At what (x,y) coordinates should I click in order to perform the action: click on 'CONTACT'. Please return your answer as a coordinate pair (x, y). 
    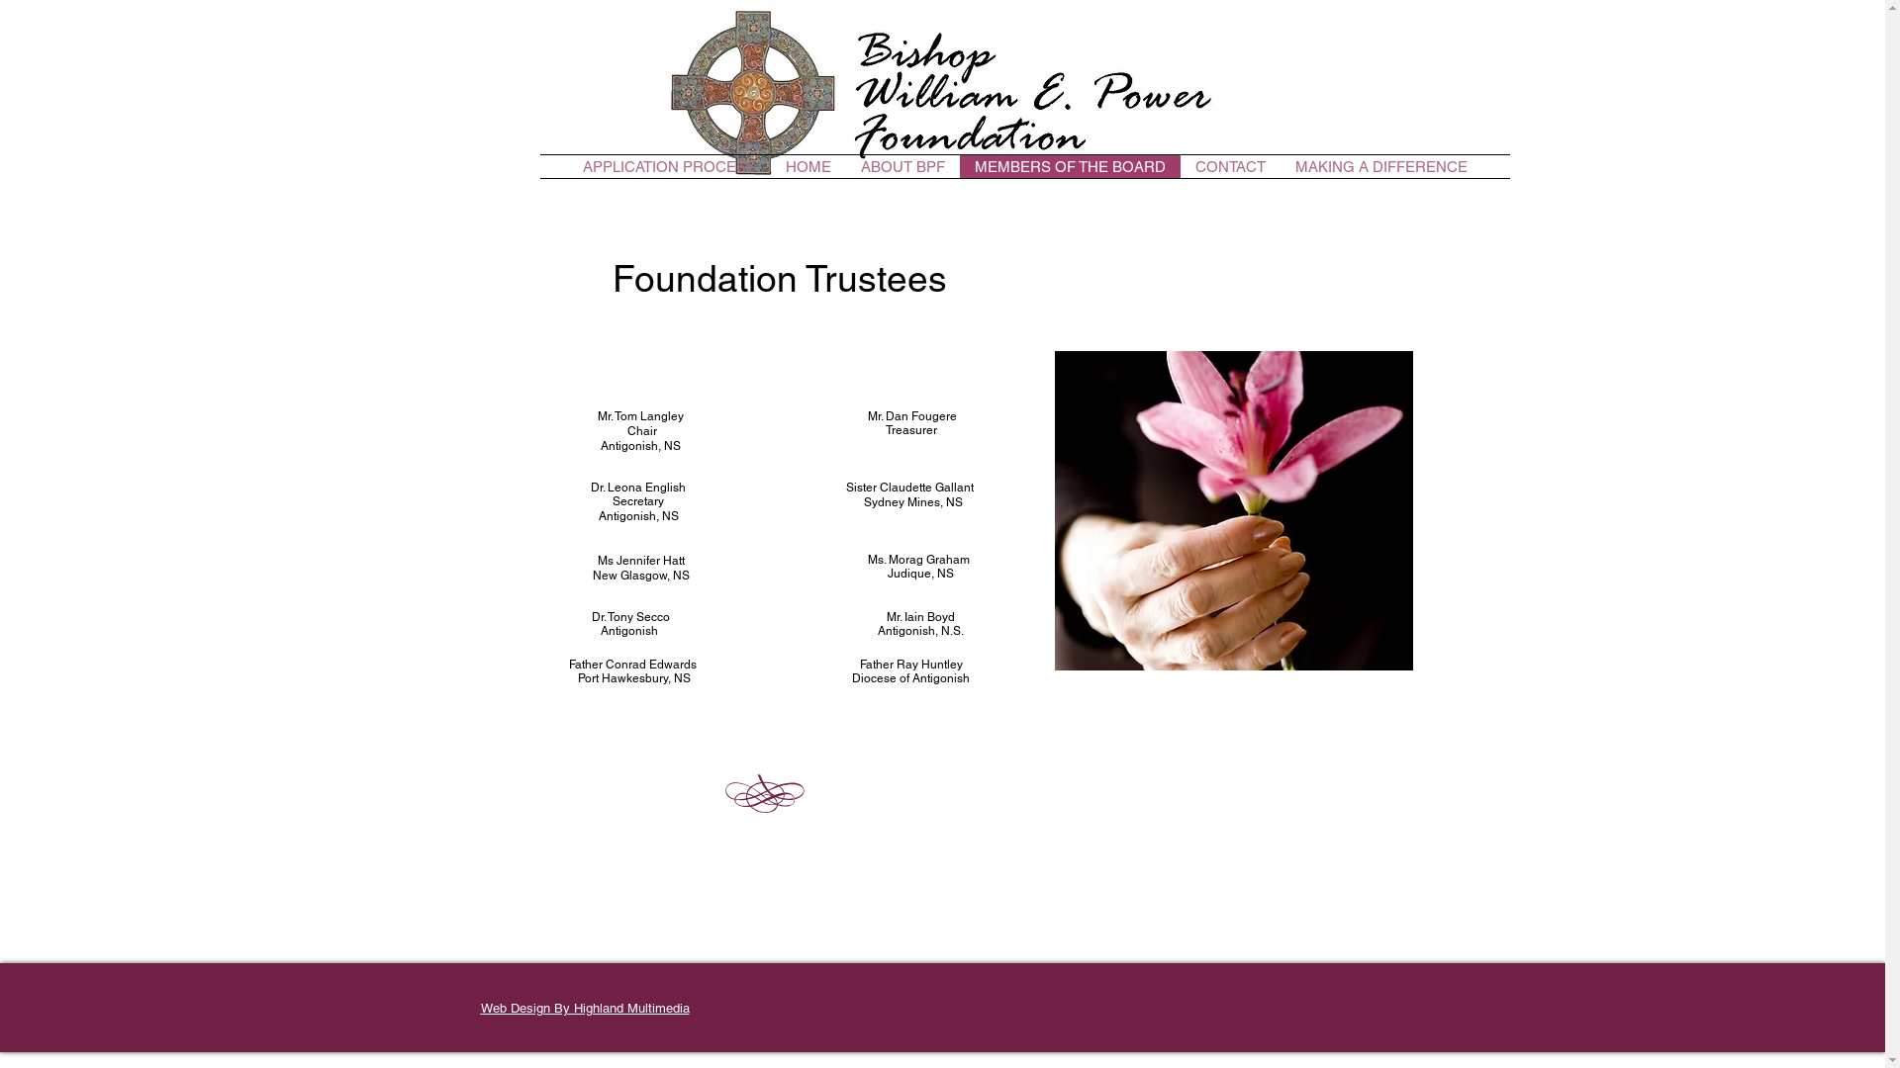
    Looking at the image, I should click on (1228, 165).